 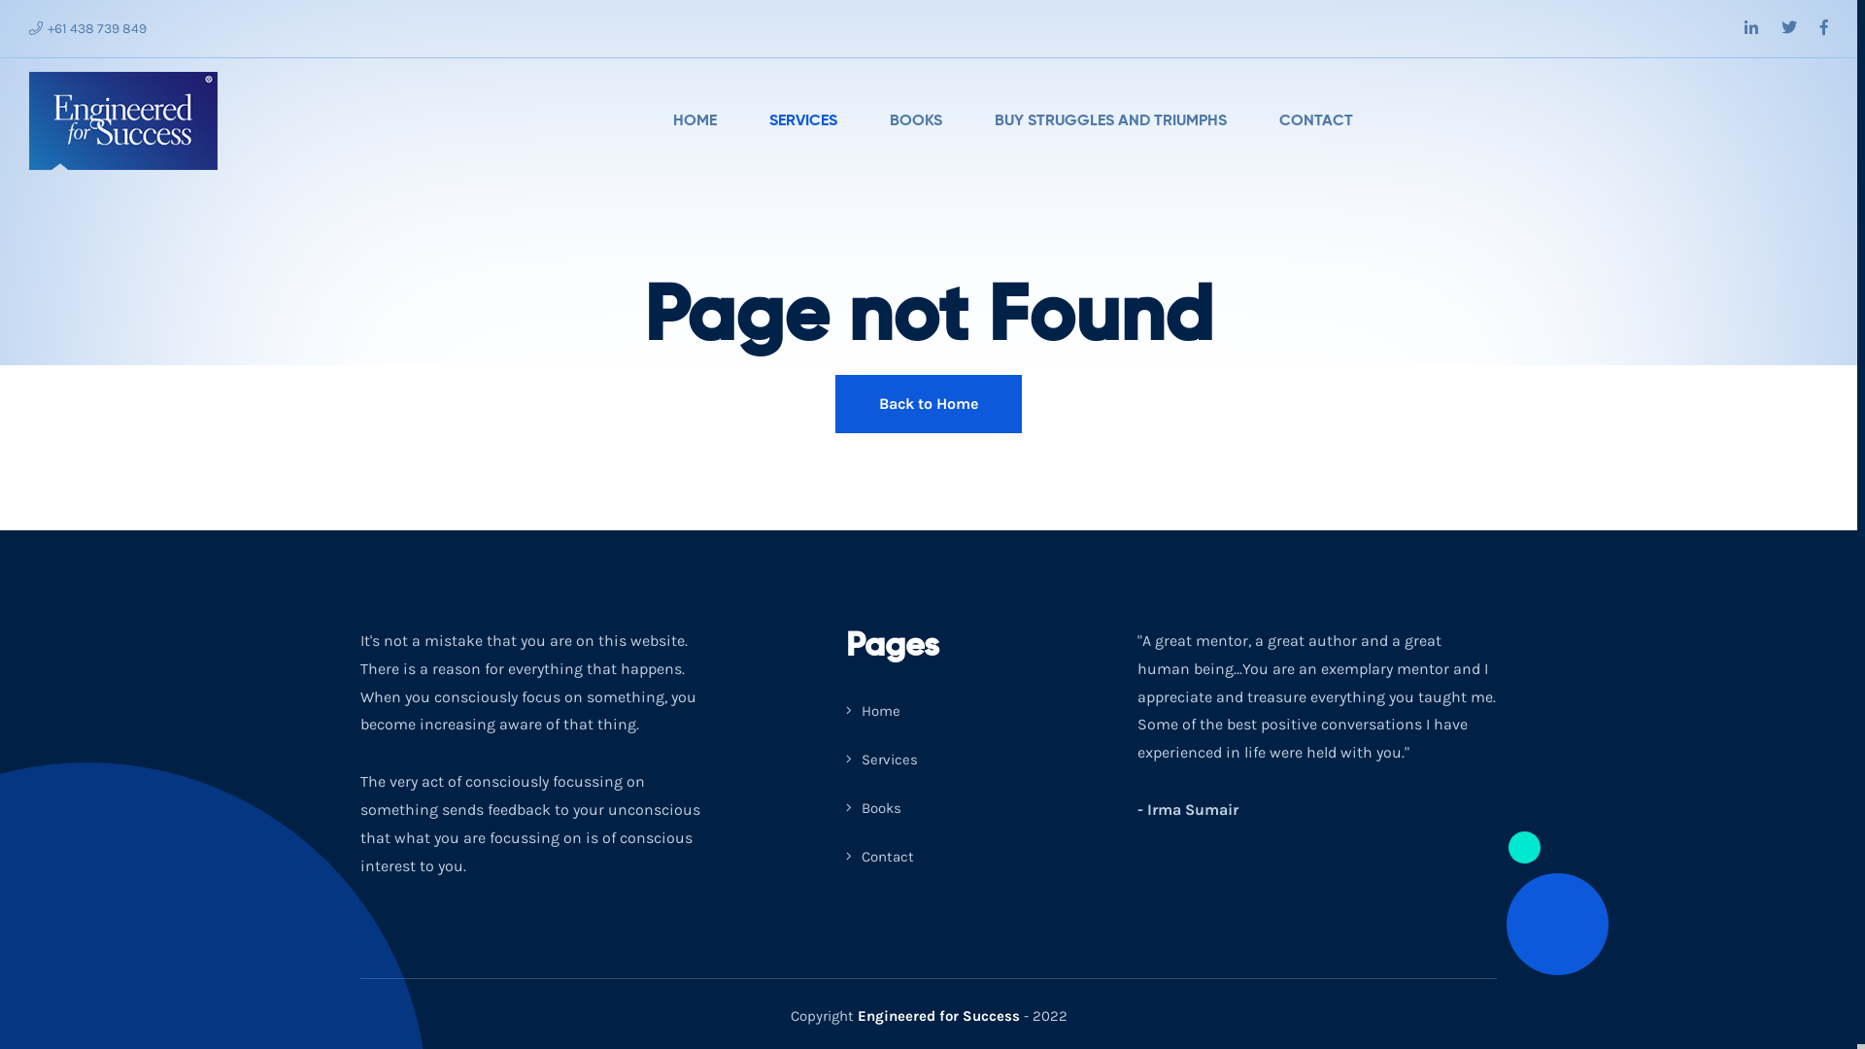 What do you see at coordinates (856, 1015) in the screenshot?
I see `'Engineered for Success'` at bounding box center [856, 1015].